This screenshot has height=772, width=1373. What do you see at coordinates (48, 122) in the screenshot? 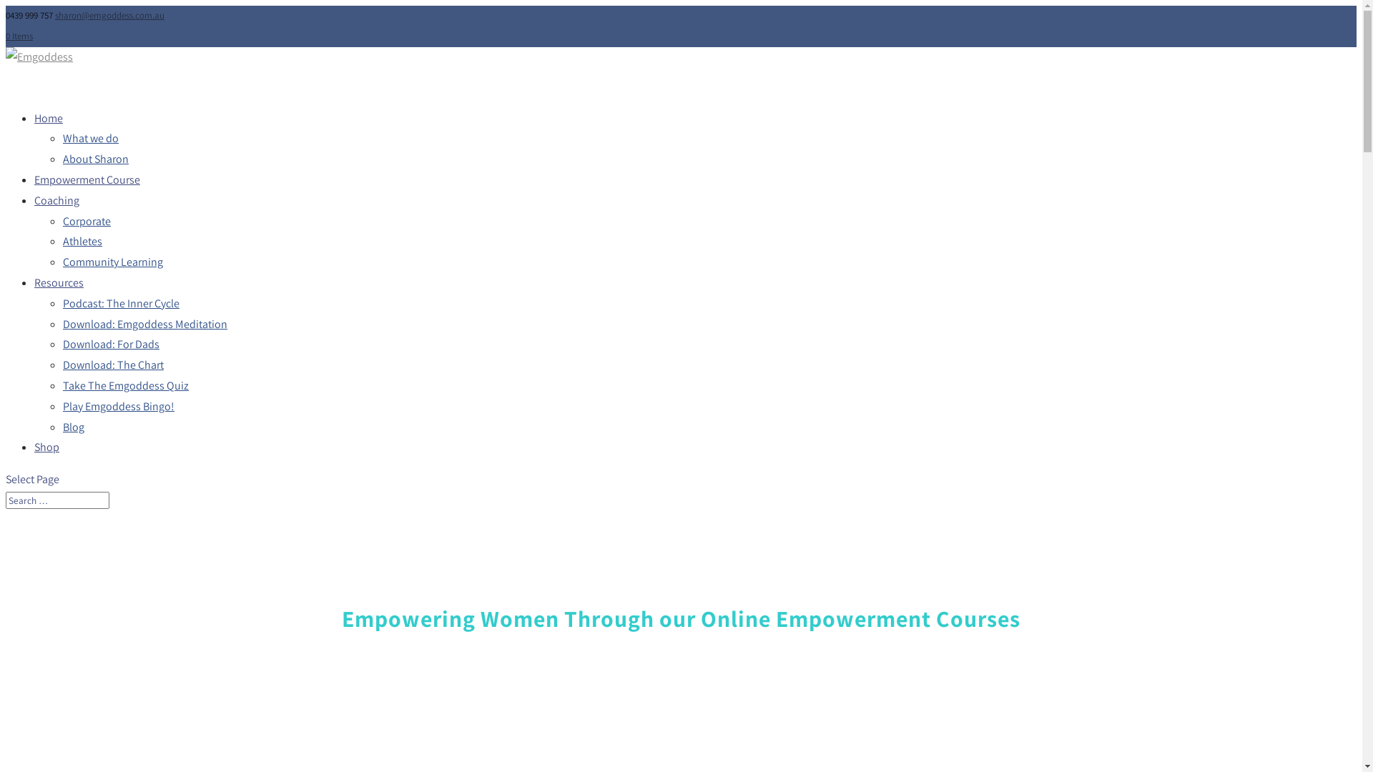
I see `'Home'` at bounding box center [48, 122].